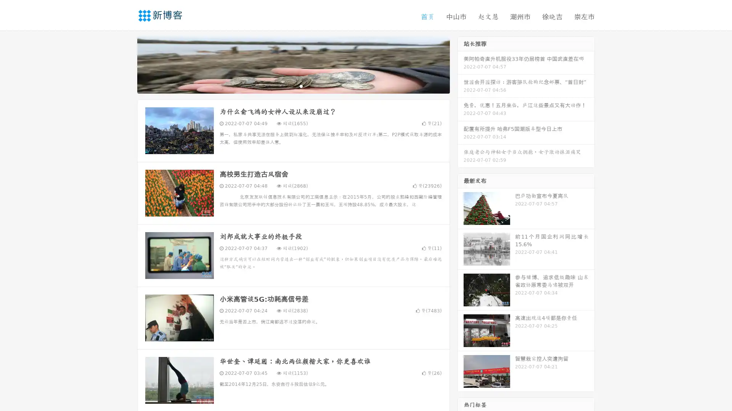 This screenshot has width=732, height=411. I want to click on Go to slide 3, so click(301, 86).